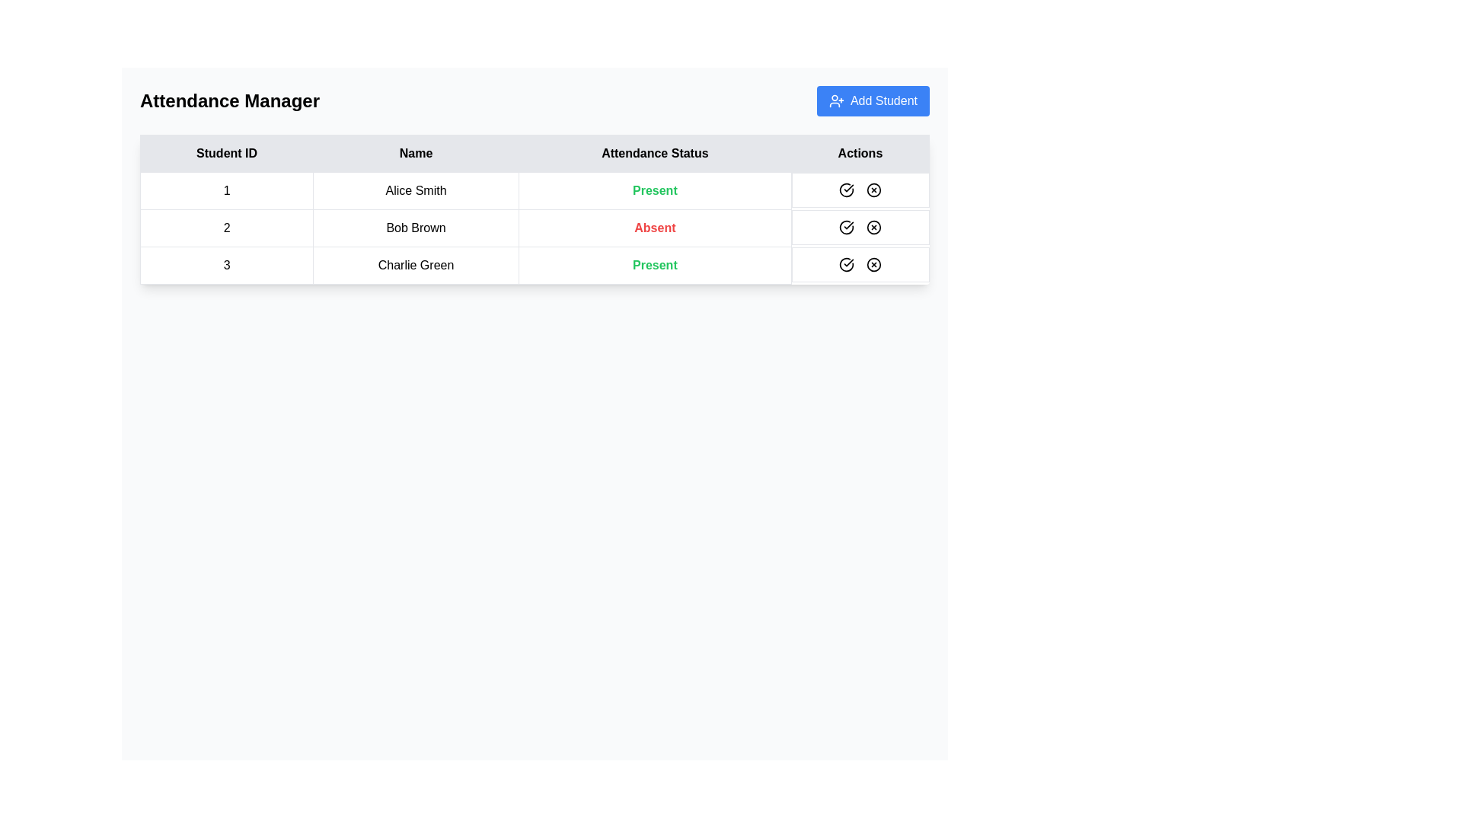  Describe the element at coordinates (655, 228) in the screenshot. I see `the 'Absent' text label, which is bold and red, indicating Bob Brown's attendance status in the second row of the table` at that location.